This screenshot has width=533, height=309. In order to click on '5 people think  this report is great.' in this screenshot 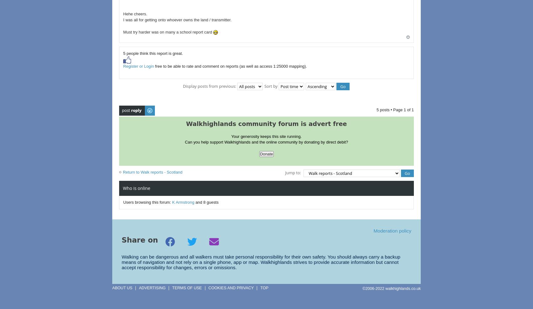, I will do `click(153, 53)`.